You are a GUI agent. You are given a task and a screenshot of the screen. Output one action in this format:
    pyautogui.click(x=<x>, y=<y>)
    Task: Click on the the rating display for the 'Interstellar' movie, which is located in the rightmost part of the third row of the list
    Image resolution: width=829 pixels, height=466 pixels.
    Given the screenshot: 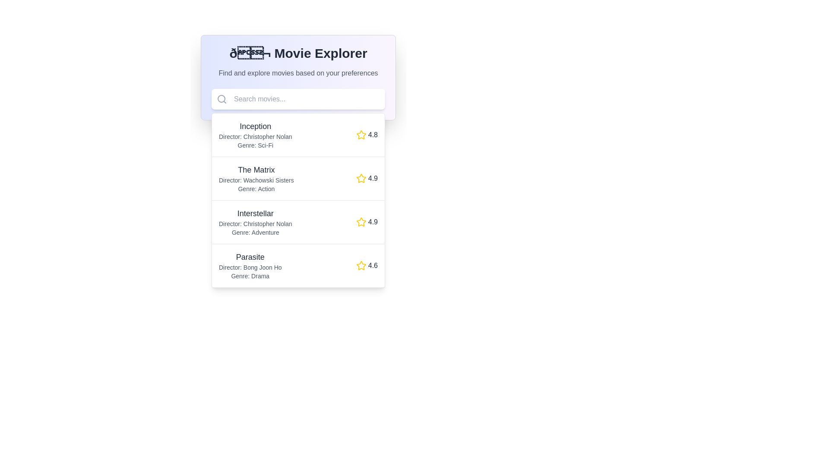 What is the action you would take?
    pyautogui.click(x=367, y=222)
    